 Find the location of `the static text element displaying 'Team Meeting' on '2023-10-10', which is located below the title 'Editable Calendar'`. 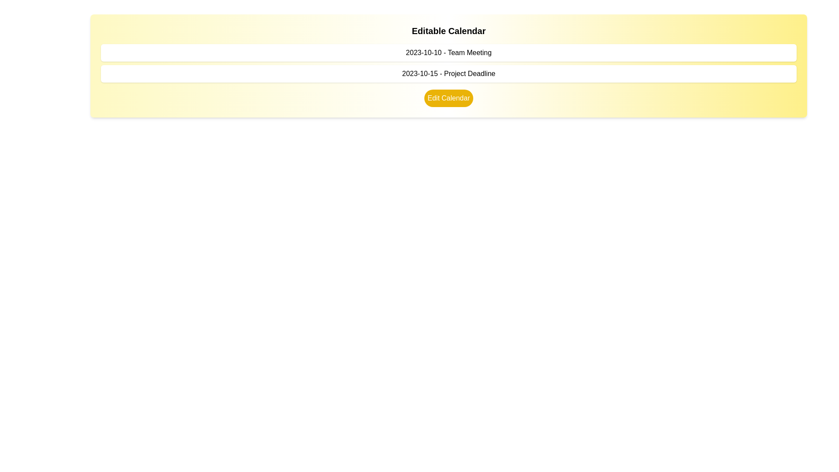

the static text element displaying 'Team Meeting' on '2023-10-10', which is located below the title 'Editable Calendar' is located at coordinates (449, 52).